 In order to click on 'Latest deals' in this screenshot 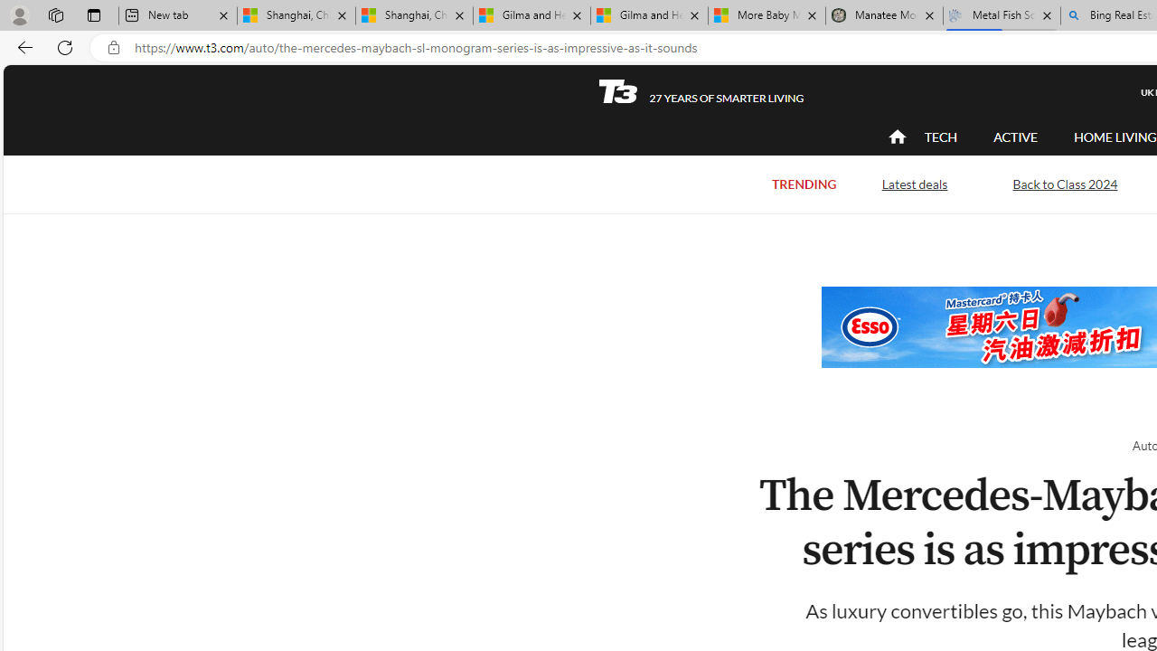, I will do `click(914, 184)`.